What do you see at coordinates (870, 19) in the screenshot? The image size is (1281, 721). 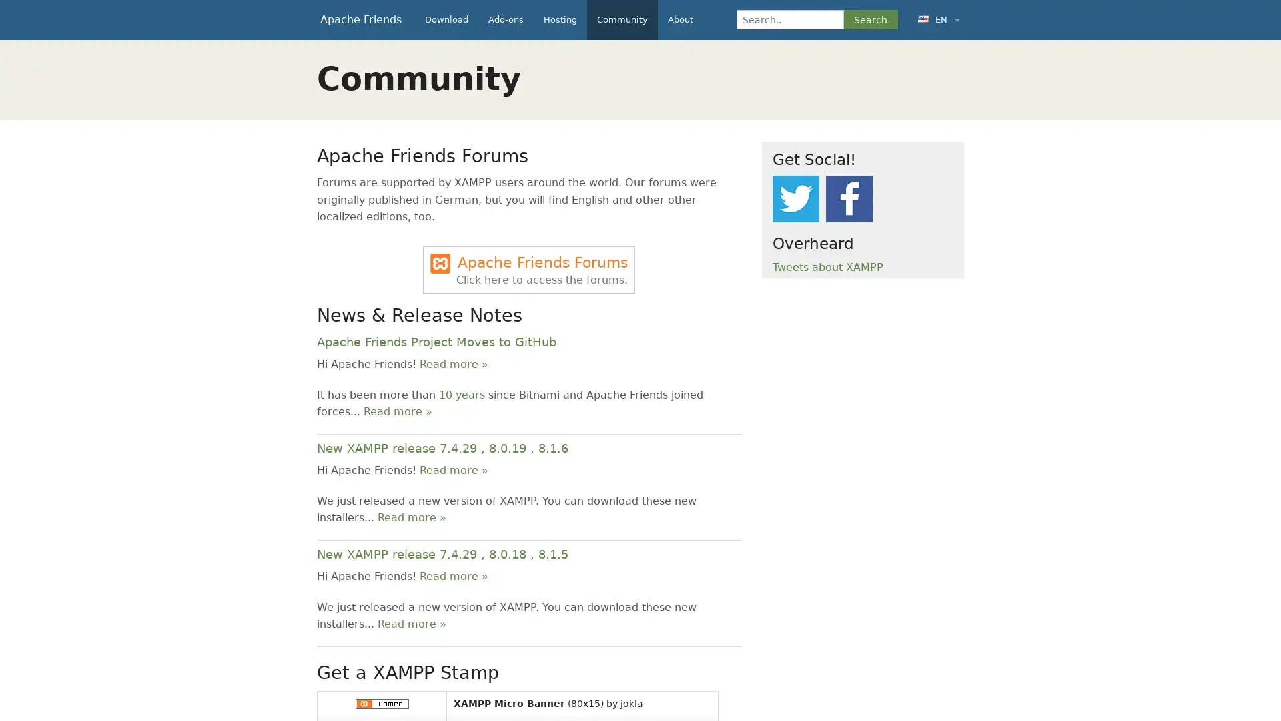 I see `Search` at bounding box center [870, 19].